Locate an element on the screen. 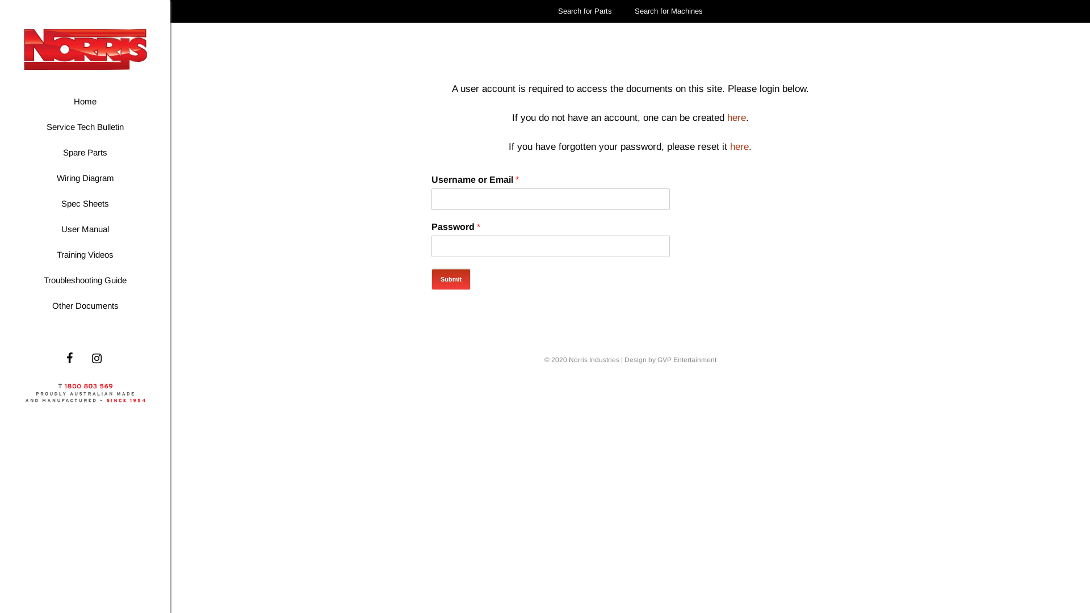 The image size is (1090, 613). 'Search for Machines' is located at coordinates (668, 11).